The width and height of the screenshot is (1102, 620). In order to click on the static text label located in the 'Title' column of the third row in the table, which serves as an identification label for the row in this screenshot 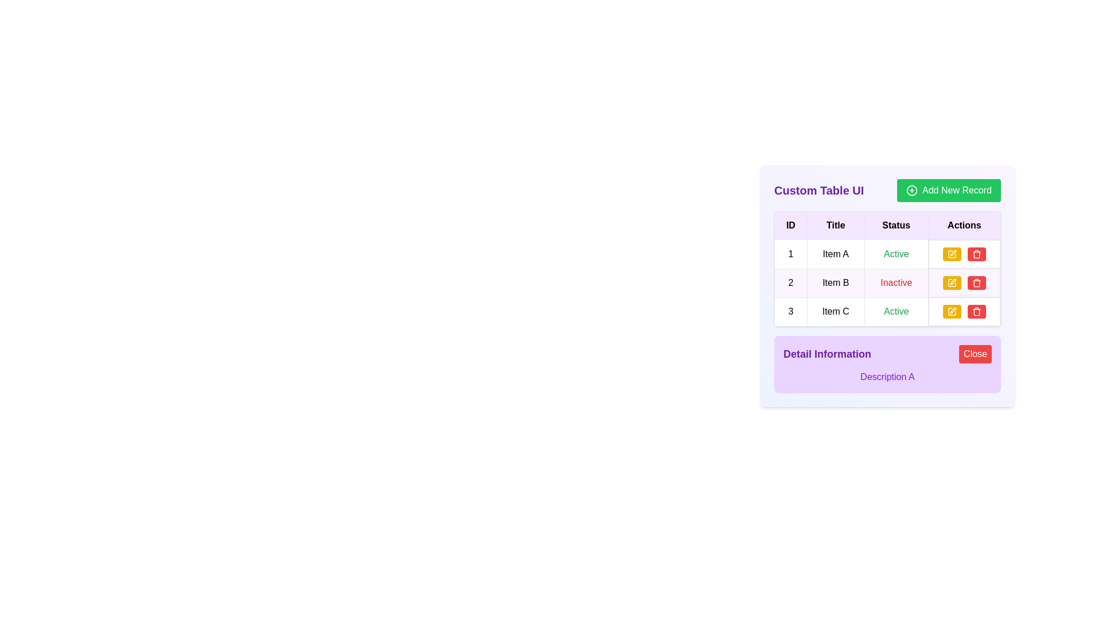, I will do `click(836, 312)`.